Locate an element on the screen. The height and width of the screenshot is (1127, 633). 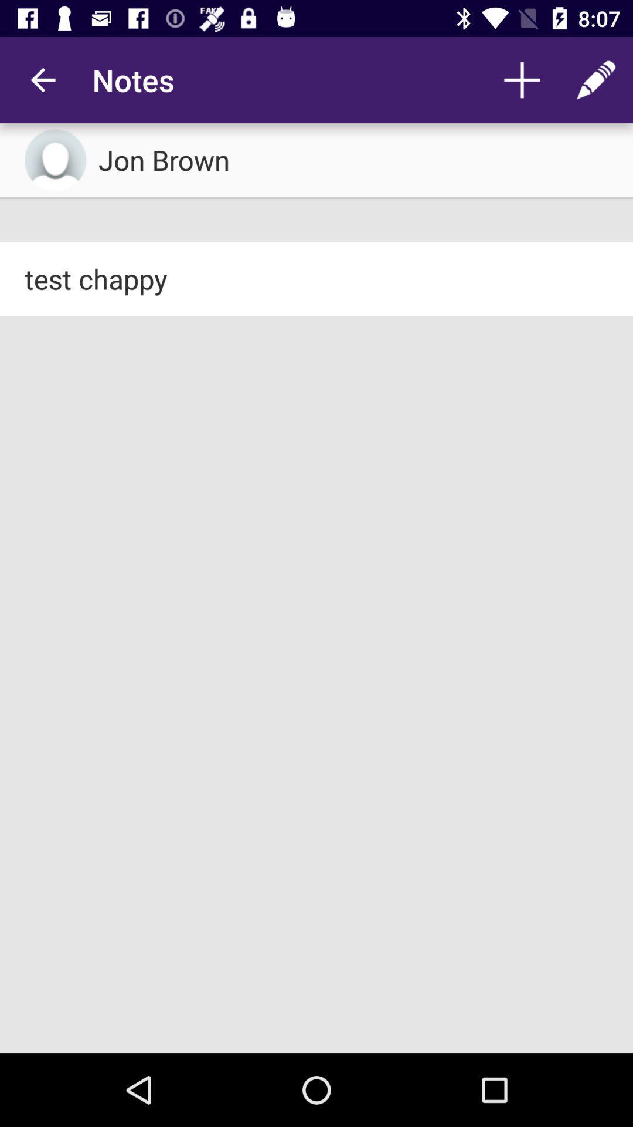
the app next to the notes item is located at coordinates (42, 79).